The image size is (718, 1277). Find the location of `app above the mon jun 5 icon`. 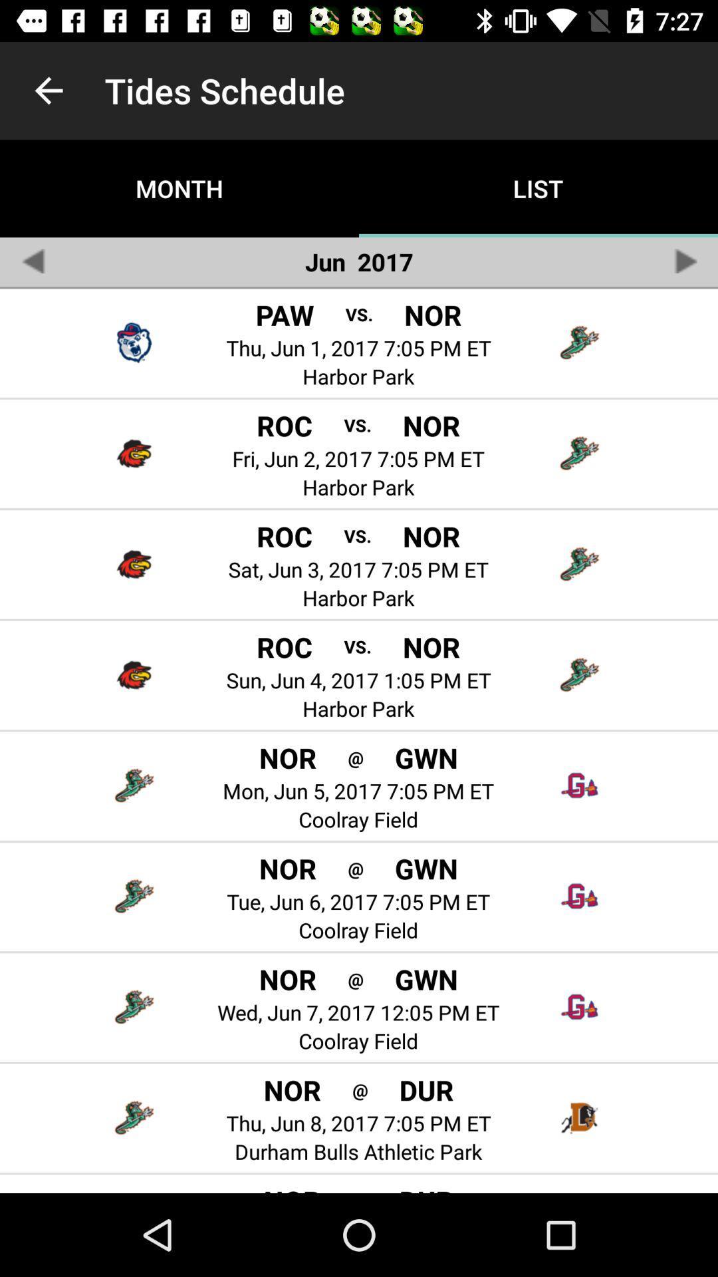

app above the mon jun 5 icon is located at coordinates (355, 757).